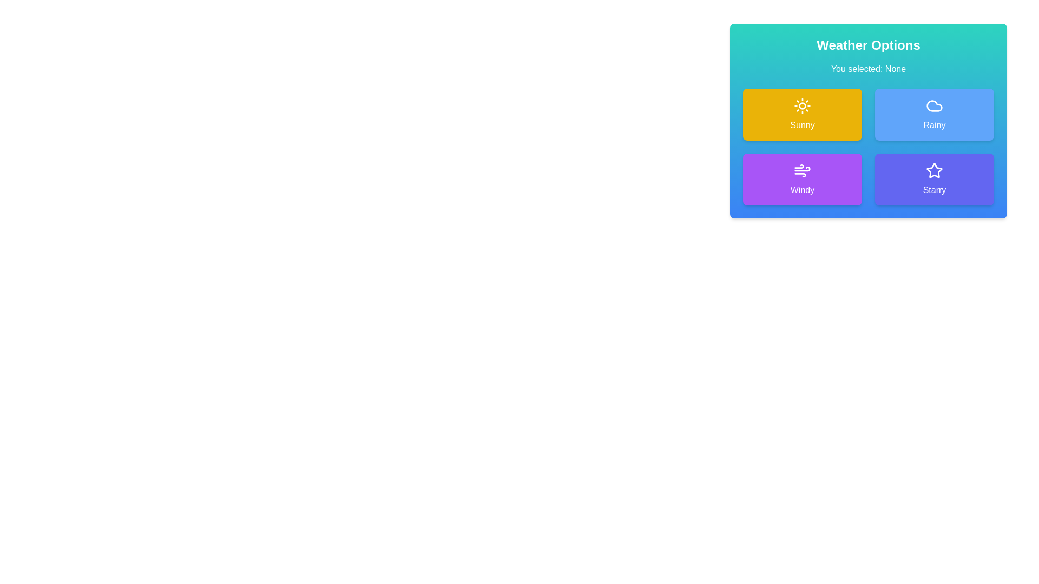 This screenshot has width=1039, height=584. What do you see at coordinates (803, 106) in the screenshot?
I see `the small yellow circular design with a darker border located in the center of the 'Sunny' button, which is the top-left button among the four weather option buttons` at bounding box center [803, 106].